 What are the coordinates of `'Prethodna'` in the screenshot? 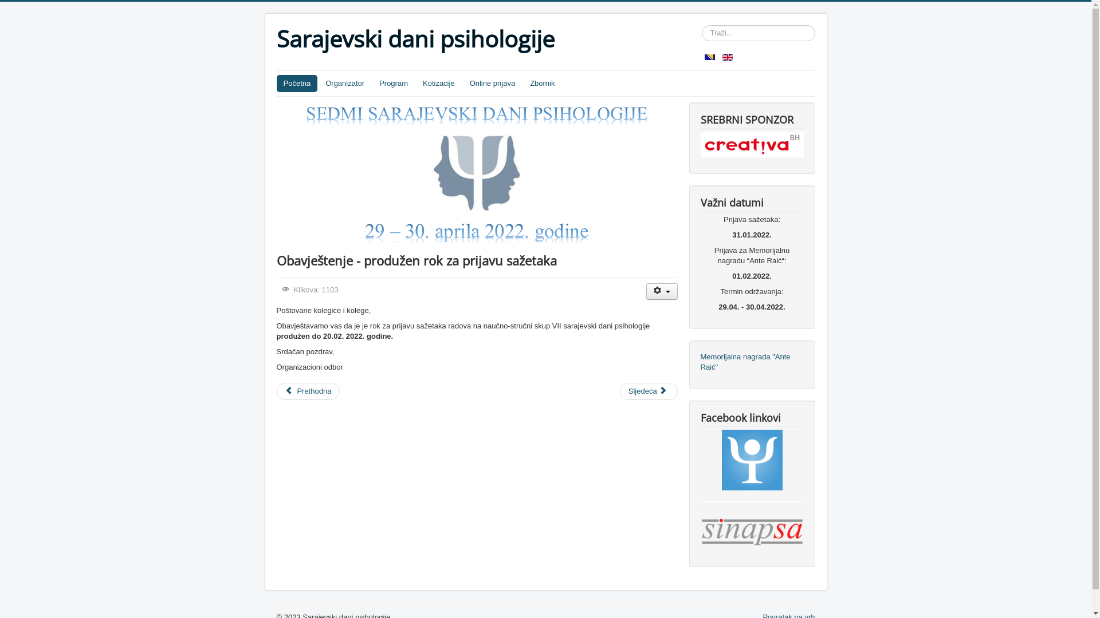 It's located at (308, 390).